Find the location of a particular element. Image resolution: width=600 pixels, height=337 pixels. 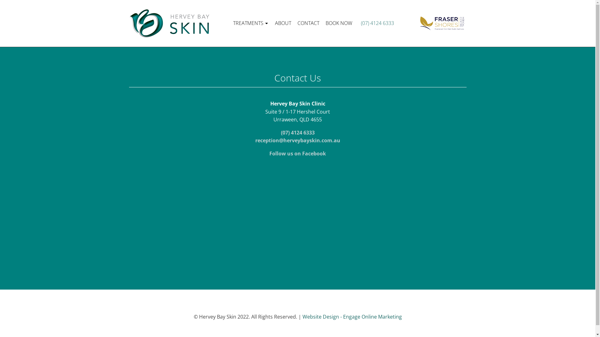

'reception@herveybayskin.com.au' is located at coordinates (297, 140).